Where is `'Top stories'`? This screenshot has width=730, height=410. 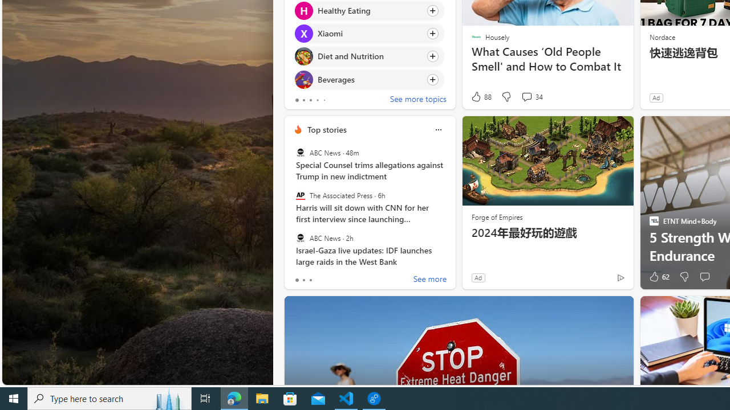 'Top stories' is located at coordinates (326, 129).